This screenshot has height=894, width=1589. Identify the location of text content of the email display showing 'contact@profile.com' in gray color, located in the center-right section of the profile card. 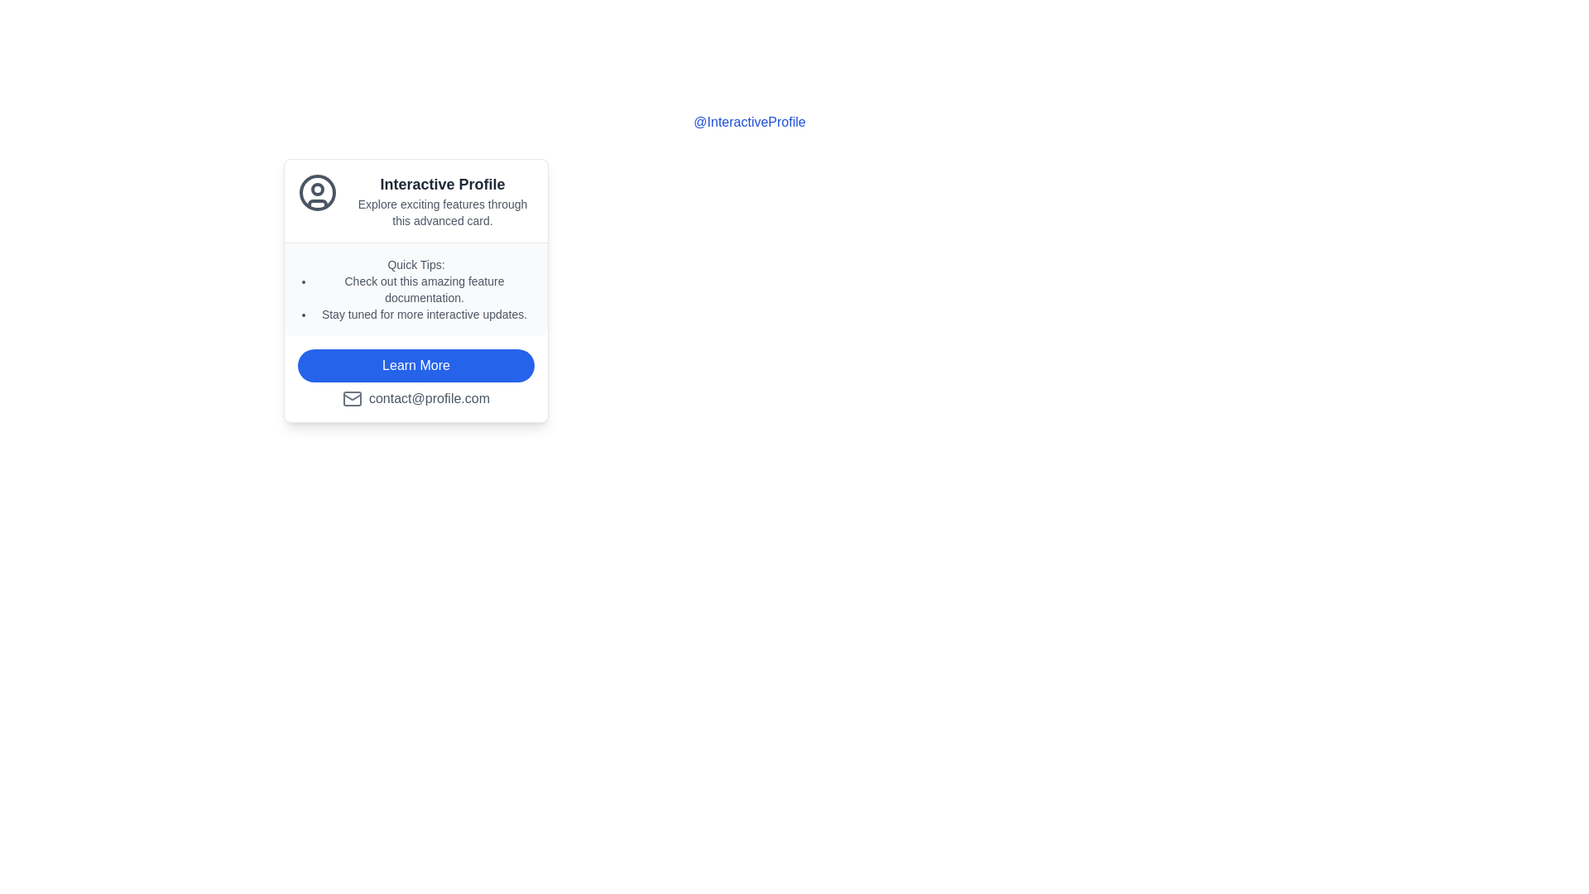
(429, 399).